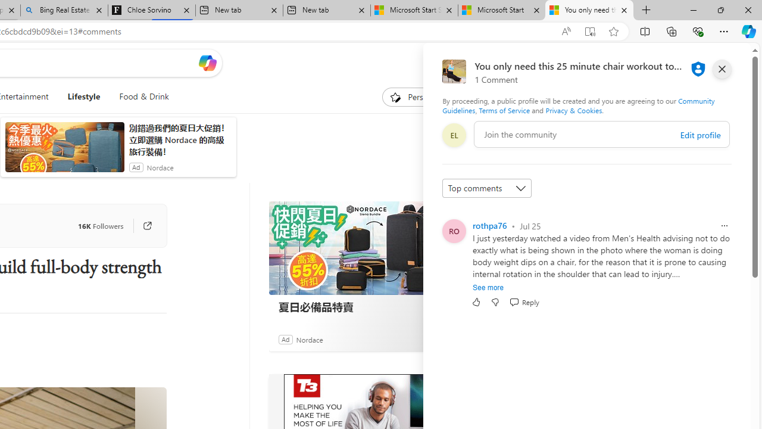 The image size is (762, 429). What do you see at coordinates (143, 97) in the screenshot?
I see `'Food & Drink'` at bounding box center [143, 97].